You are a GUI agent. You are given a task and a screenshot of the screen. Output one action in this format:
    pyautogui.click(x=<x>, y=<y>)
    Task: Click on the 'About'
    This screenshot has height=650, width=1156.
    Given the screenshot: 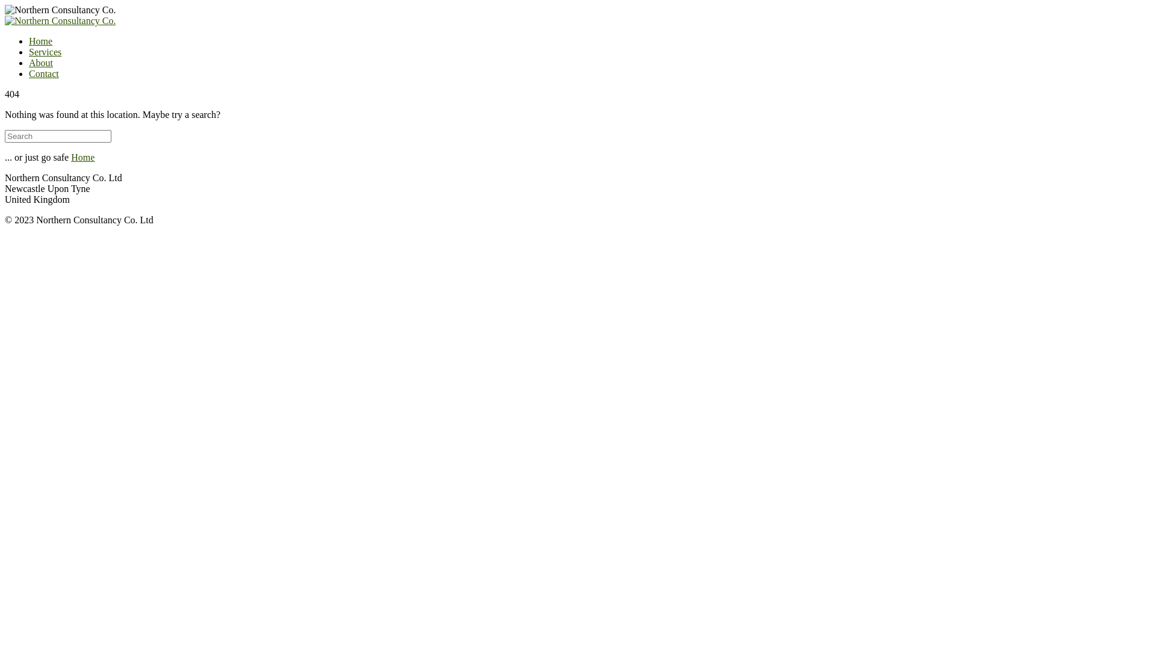 What is the action you would take?
    pyautogui.click(x=40, y=63)
    